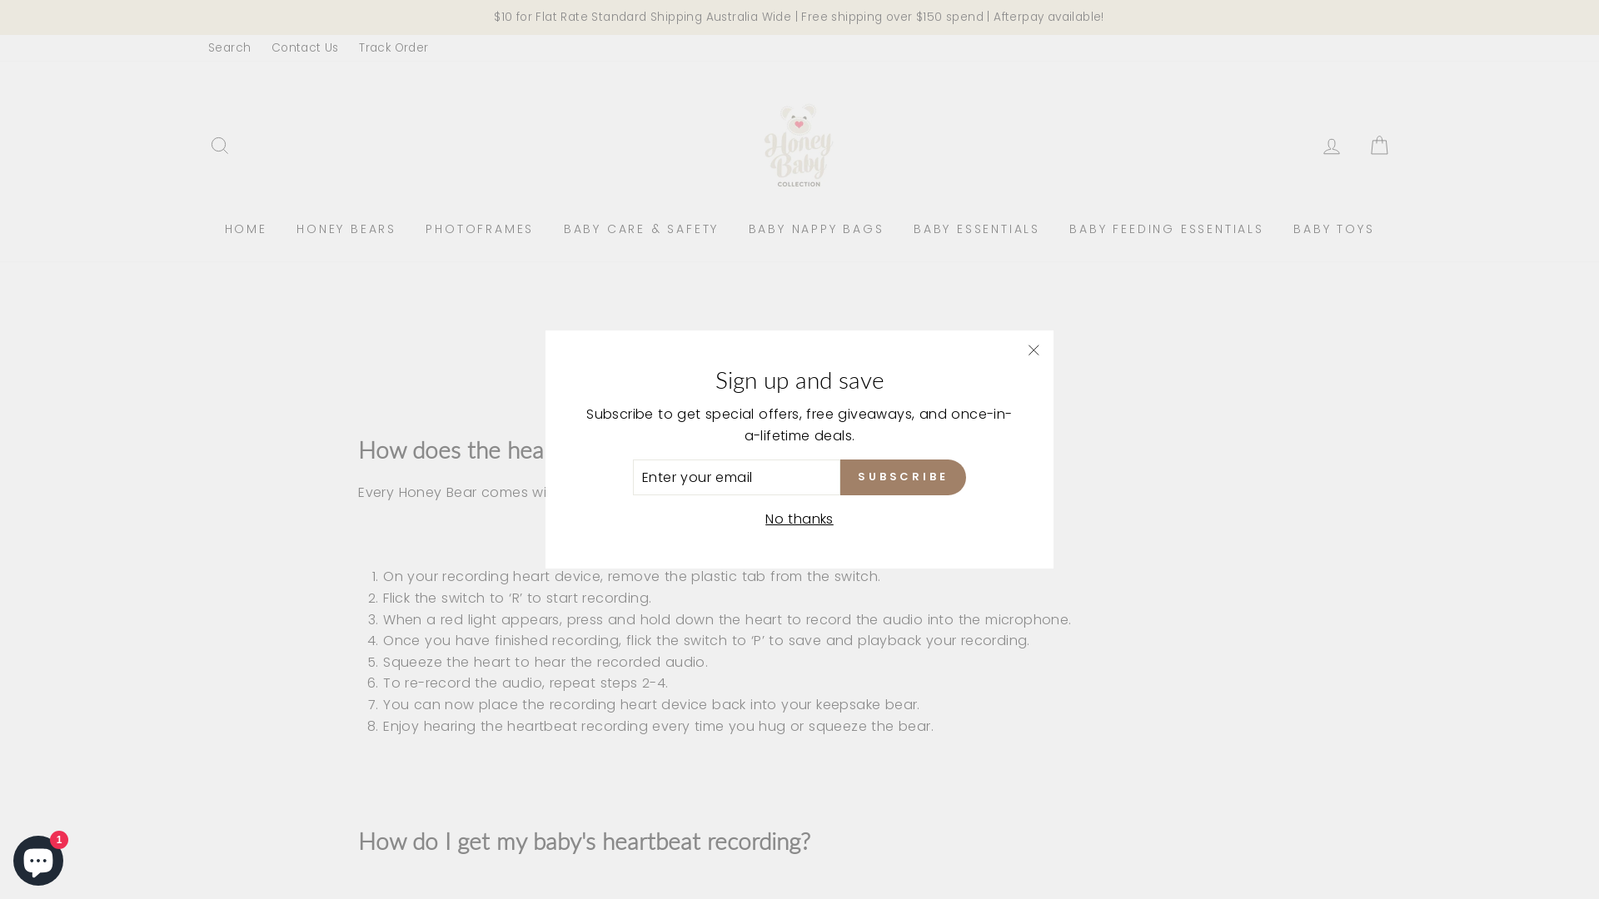 The height and width of the screenshot is (899, 1599). Describe the element at coordinates (219, 145) in the screenshot. I see `'SEARCH'` at that location.